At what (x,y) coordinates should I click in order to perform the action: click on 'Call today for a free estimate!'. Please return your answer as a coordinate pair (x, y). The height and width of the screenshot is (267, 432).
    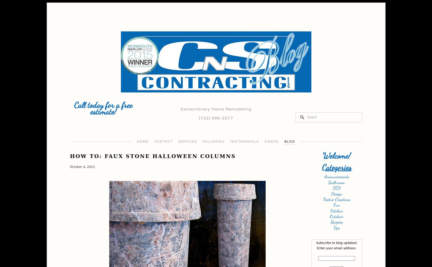
    Looking at the image, I should click on (103, 108).